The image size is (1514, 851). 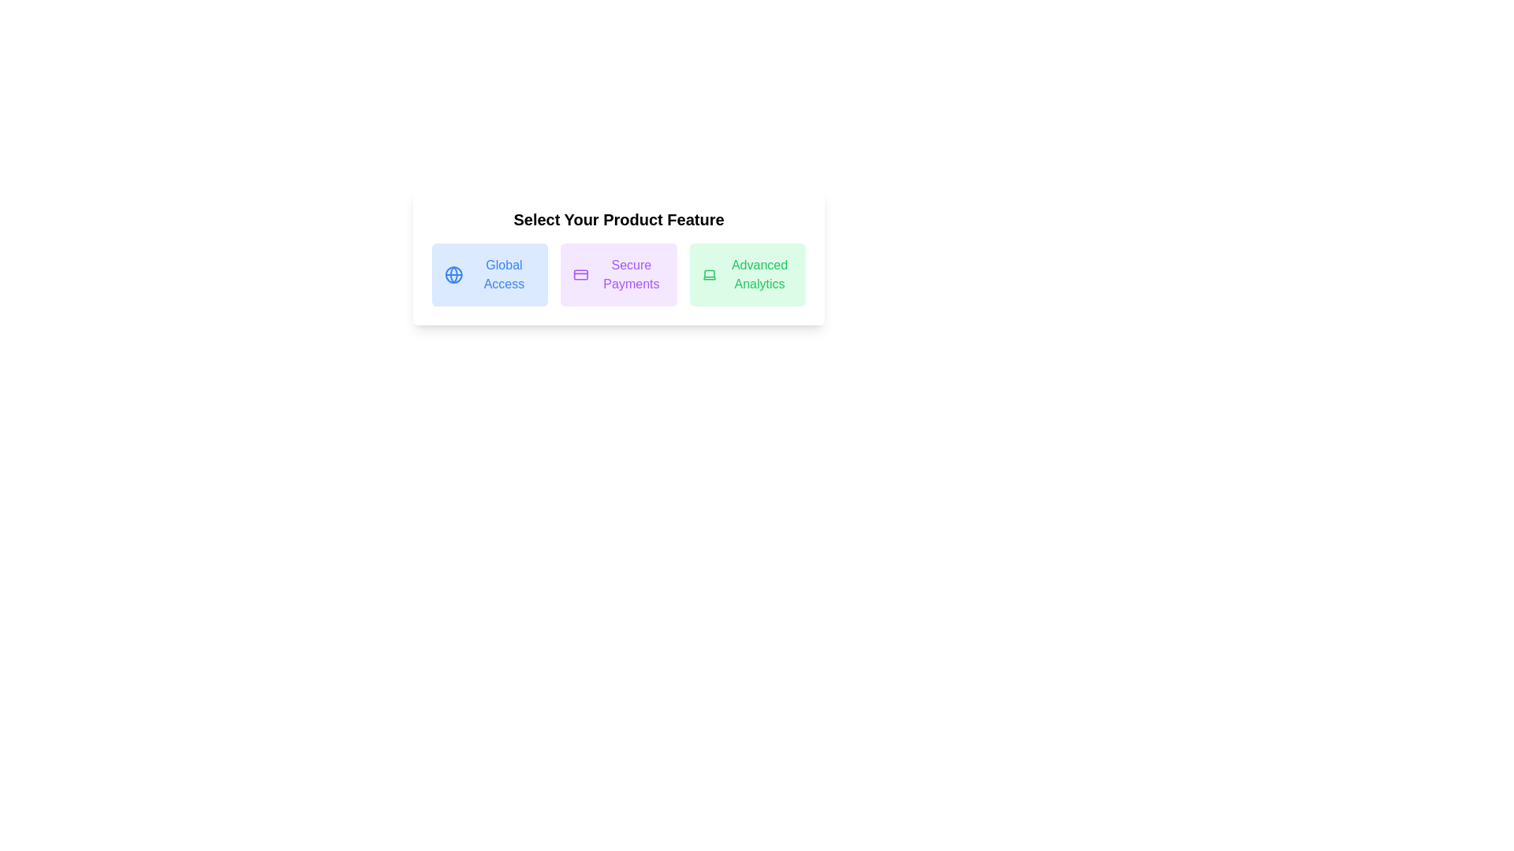 I want to click on the 'Global Access' icon, which is the first item in a horizontal group of three options in the product feature selection interface, so click(x=453, y=273).